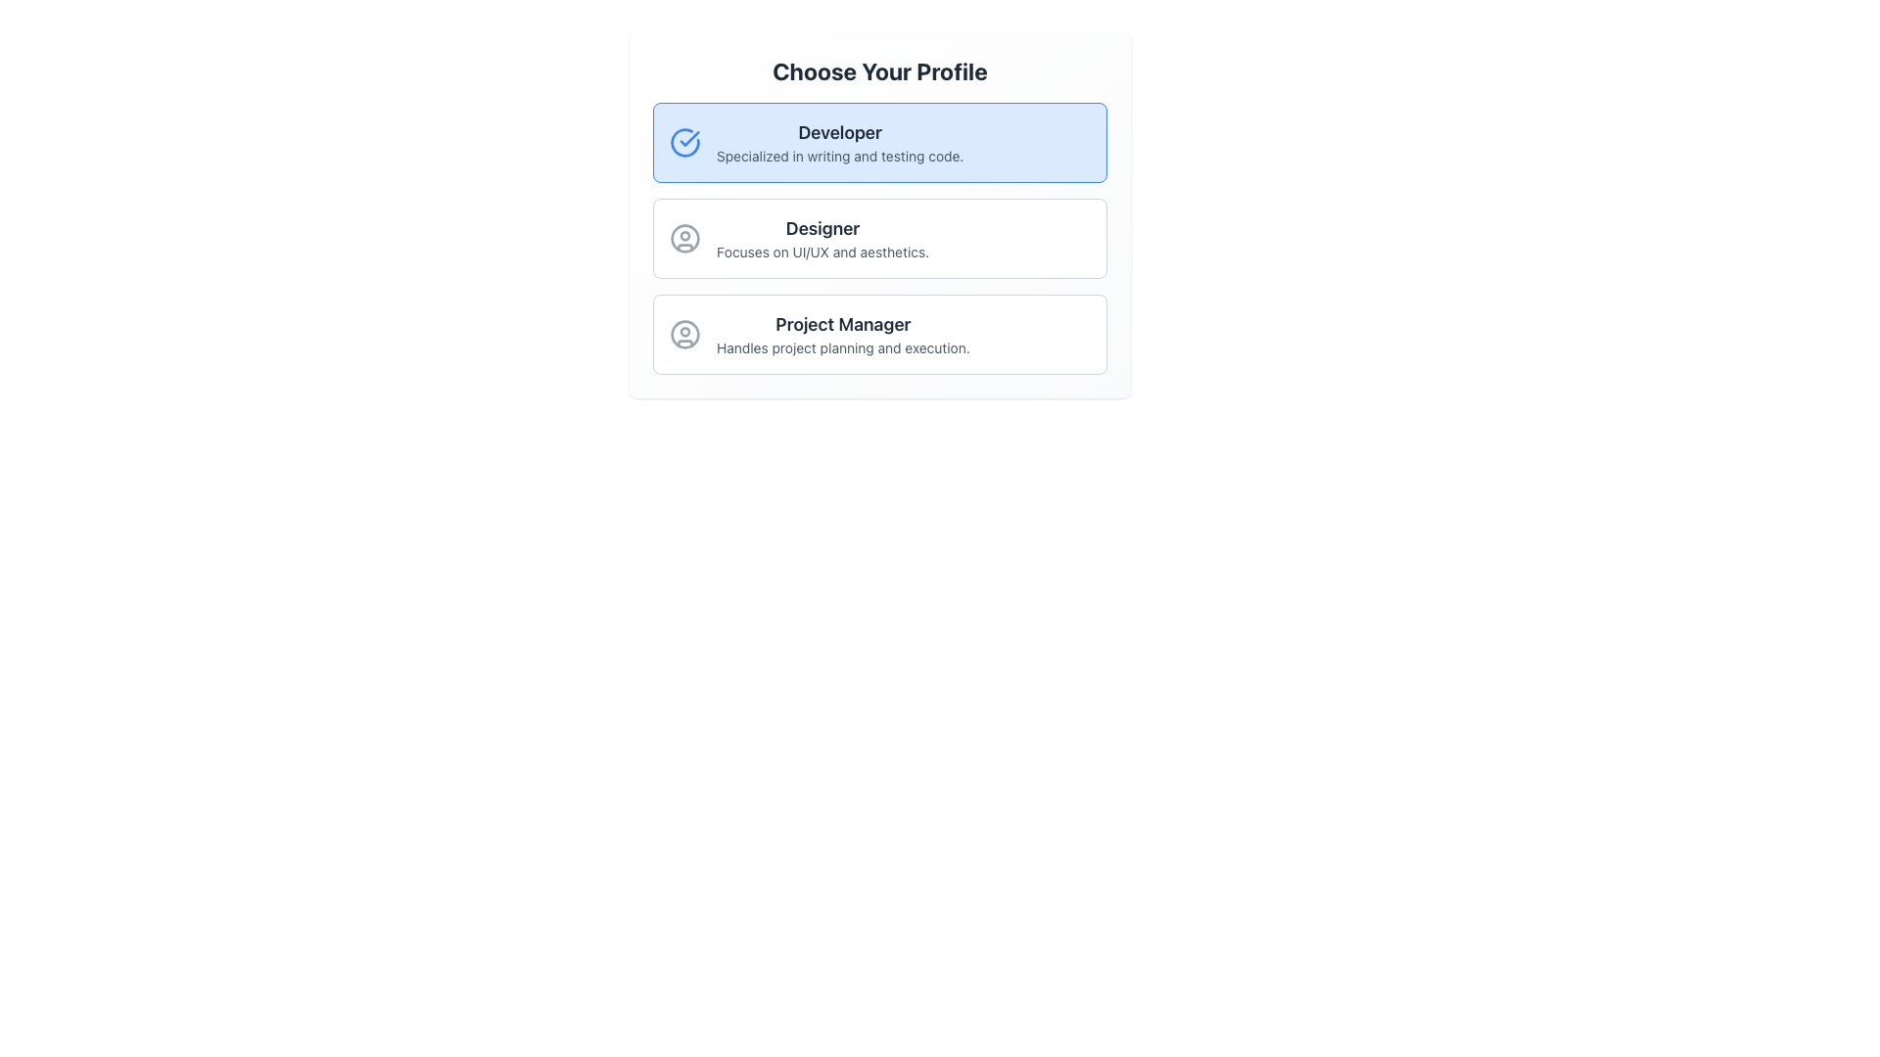 Image resolution: width=1880 pixels, height=1057 pixels. What do you see at coordinates (843, 346) in the screenshot?
I see `descriptive text label providing information about the 'Project Manager' role, located beneath the bold title in the profile options list` at bounding box center [843, 346].